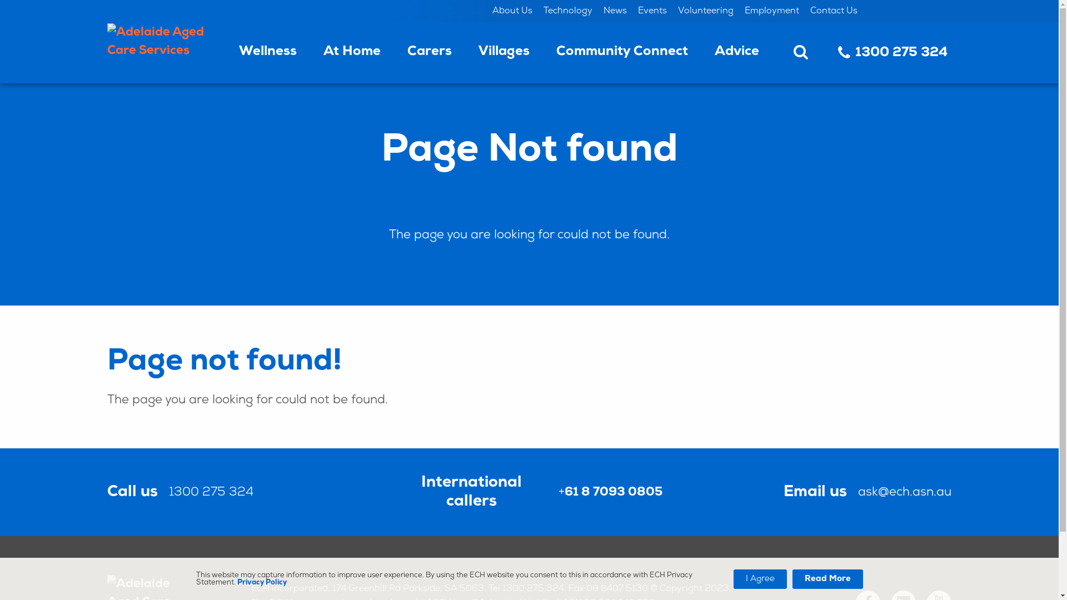  What do you see at coordinates (558, 491) in the screenshot?
I see `'+61 8 7093 0805'` at bounding box center [558, 491].